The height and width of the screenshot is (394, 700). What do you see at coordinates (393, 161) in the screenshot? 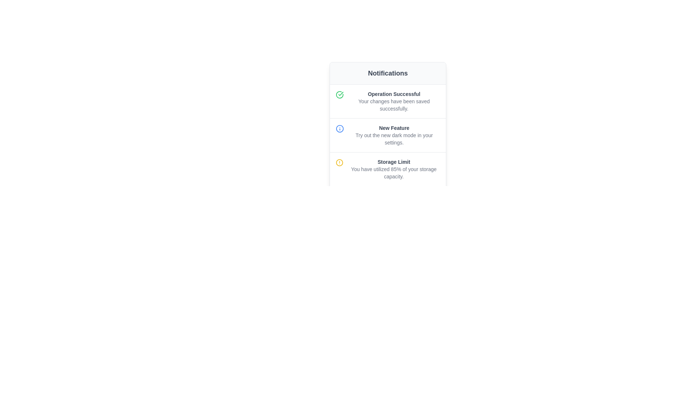
I see `the 'Storage Limit' text label displayed in bold grayish color on the third notification card` at bounding box center [393, 161].